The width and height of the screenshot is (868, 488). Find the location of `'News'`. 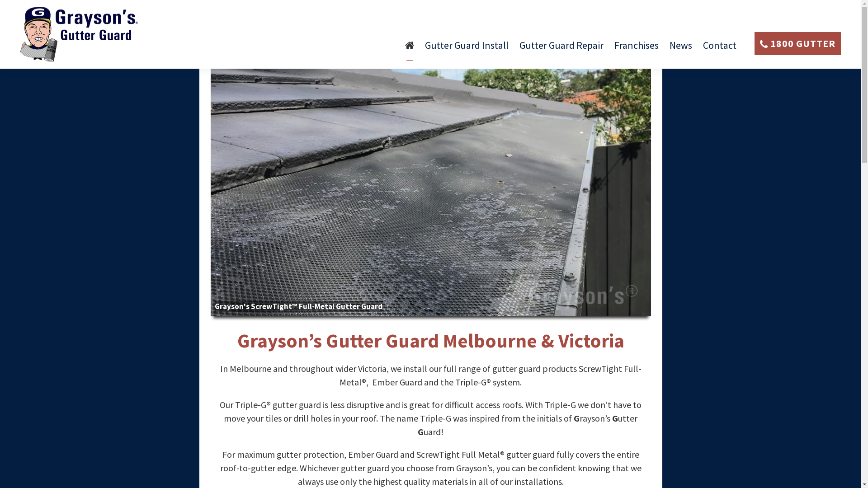

'News' is located at coordinates (681, 49).